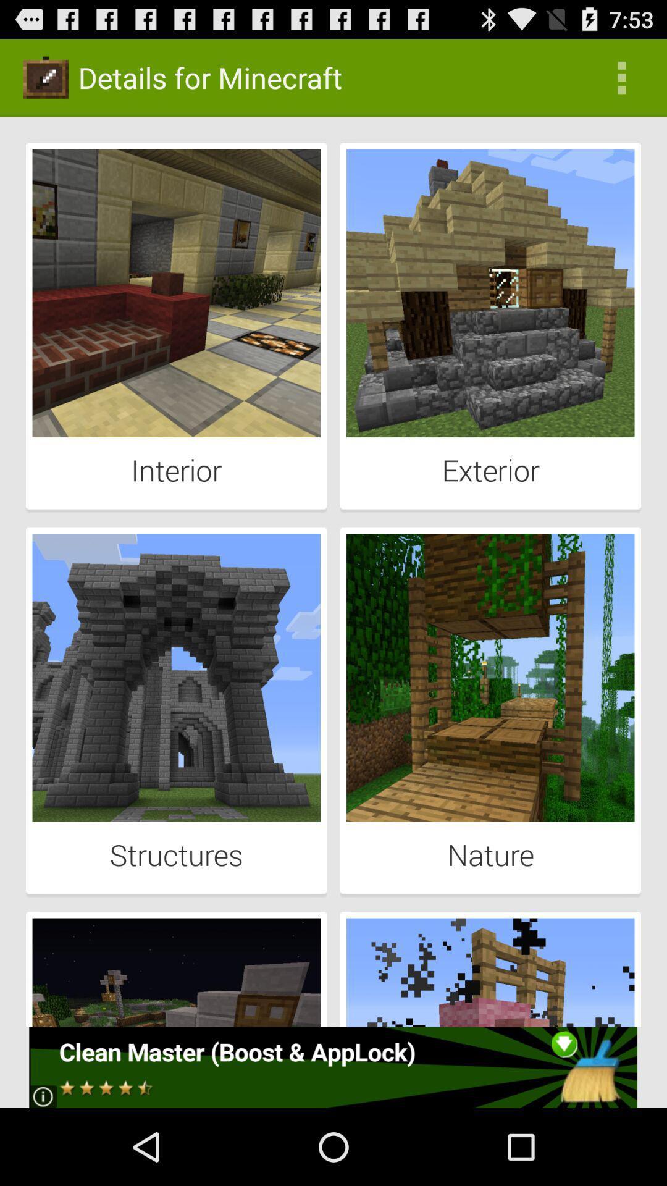 This screenshot has height=1186, width=667. I want to click on advertisement, so click(332, 1067).